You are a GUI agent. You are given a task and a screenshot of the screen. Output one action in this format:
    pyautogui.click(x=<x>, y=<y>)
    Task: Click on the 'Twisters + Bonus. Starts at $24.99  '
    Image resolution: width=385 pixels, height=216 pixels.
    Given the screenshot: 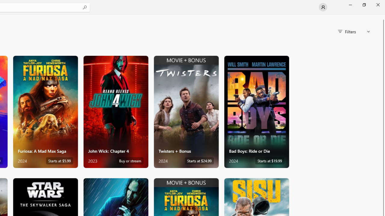 What is the action you would take?
    pyautogui.click(x=186, y=112)
    